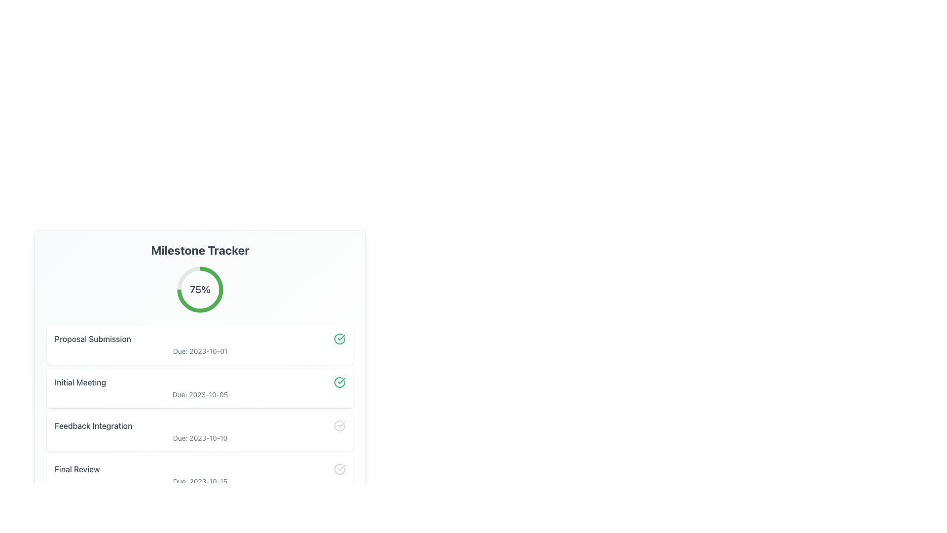 The height and width of the screenshot is (533, 947). Describe the element at coordinates (200, 289) in the screenshot. I see `the percentage displayed inside the Circular Progress Indicator showing '75%' located below the 'Milestone Tracker' heading` at that location.